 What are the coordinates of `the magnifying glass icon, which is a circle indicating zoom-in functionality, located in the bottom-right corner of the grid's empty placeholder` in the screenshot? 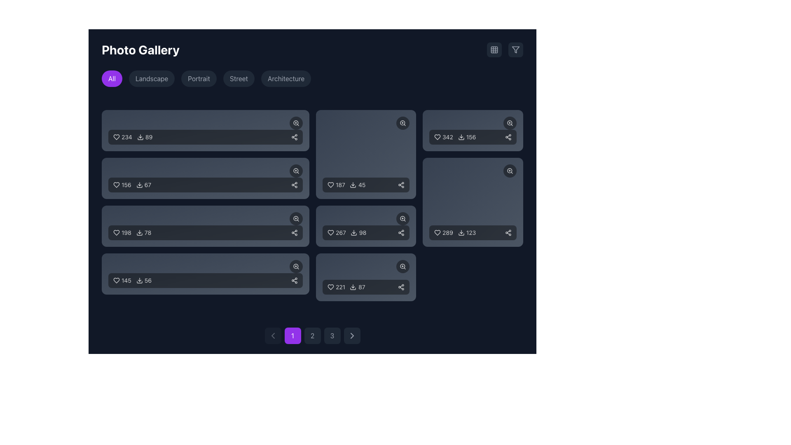 It's located at (509, 170).